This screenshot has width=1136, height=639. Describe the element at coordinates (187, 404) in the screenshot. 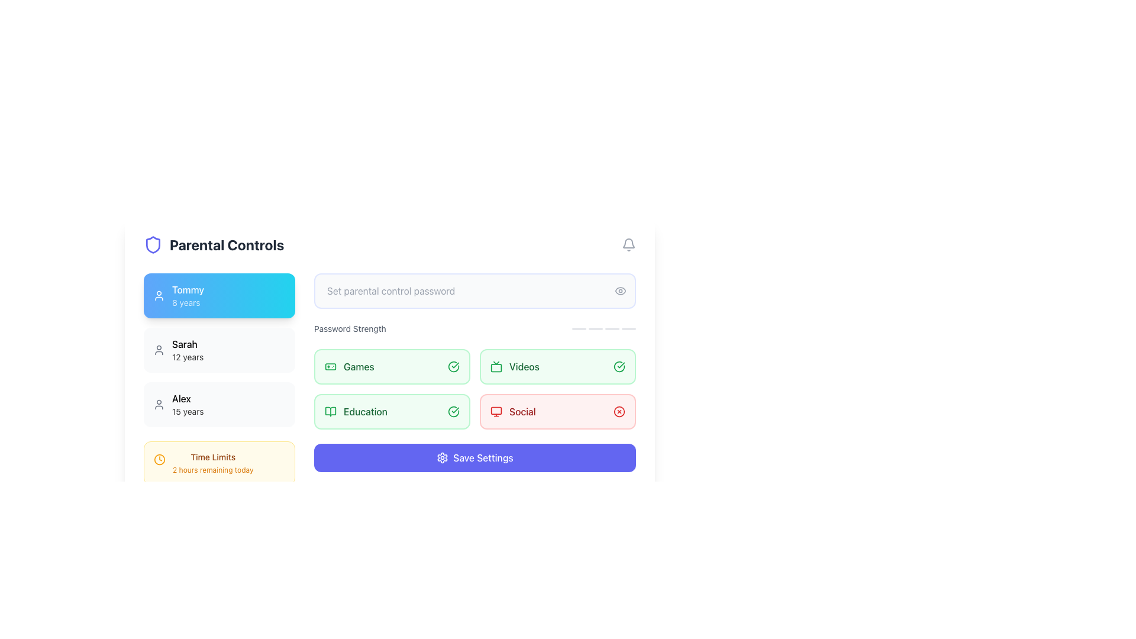

I see `the text display component showing 'Alex' and '15 years'` at that location.